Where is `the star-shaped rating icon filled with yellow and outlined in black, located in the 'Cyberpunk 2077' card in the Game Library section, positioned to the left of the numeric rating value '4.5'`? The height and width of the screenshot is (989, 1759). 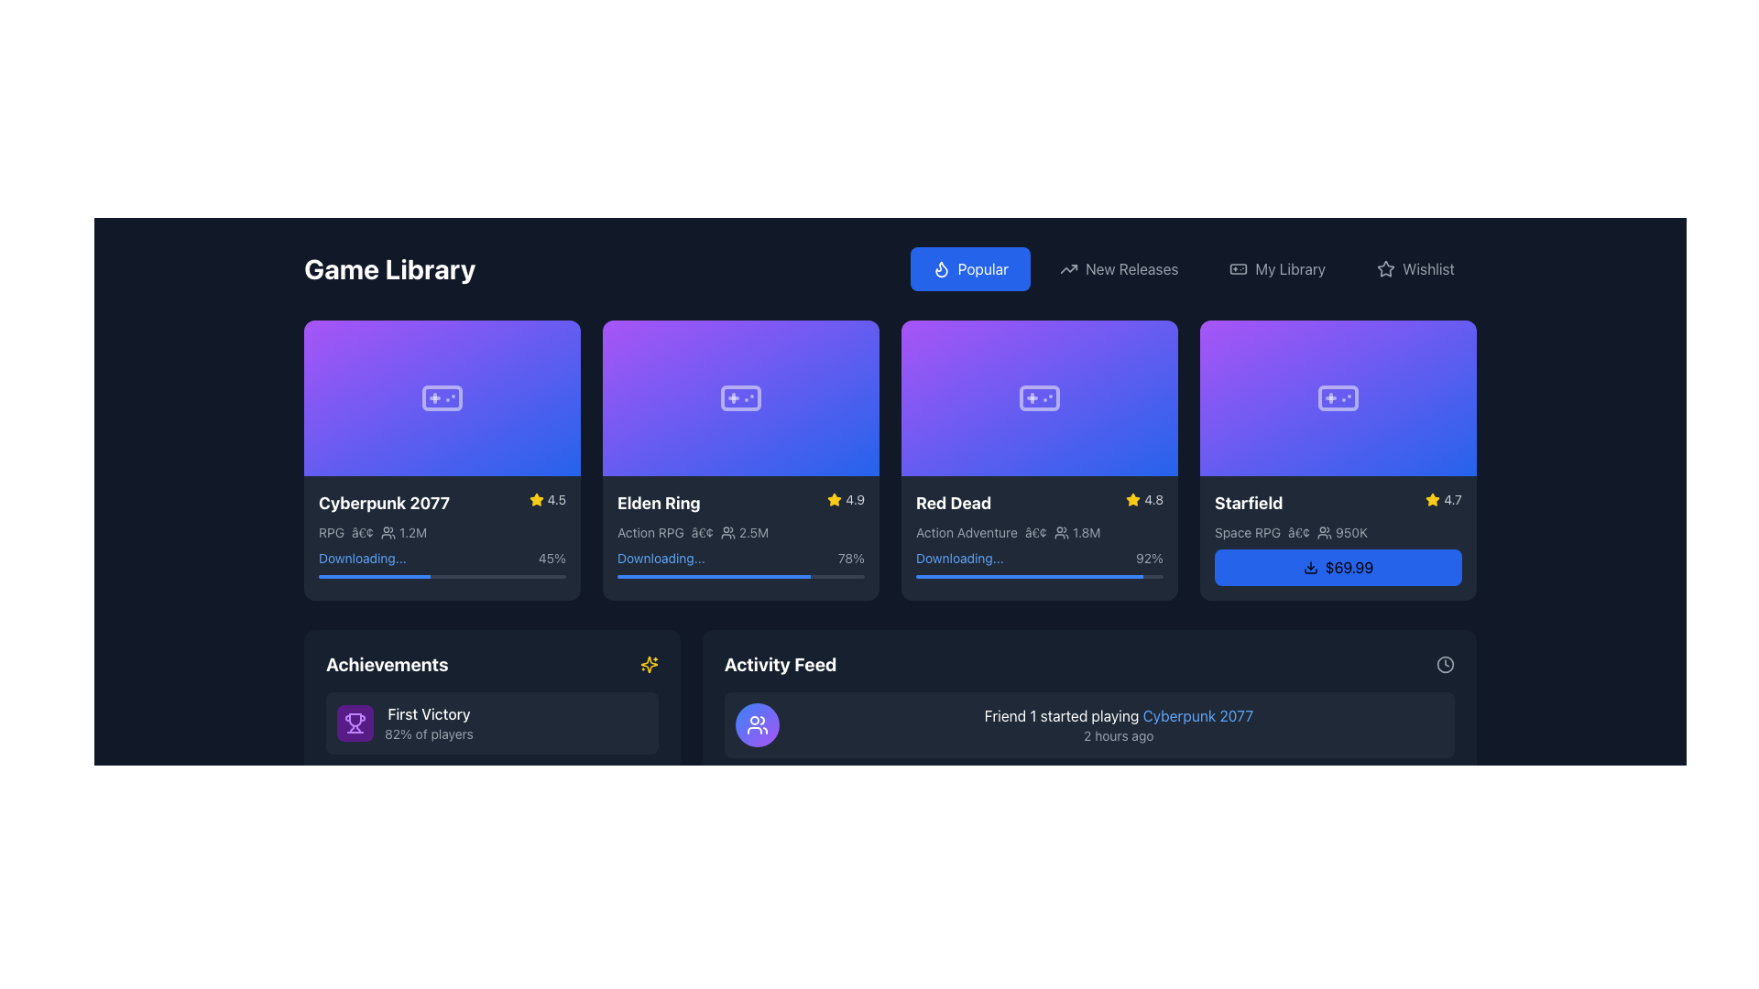 the star-shaped rating icon filled with yellow and outlined in black, located in the 'Cyberpunk 2077' card in the Game Library section, positioned to the left of the numeric rating value '4.5' is located at coordinates (535, 499).